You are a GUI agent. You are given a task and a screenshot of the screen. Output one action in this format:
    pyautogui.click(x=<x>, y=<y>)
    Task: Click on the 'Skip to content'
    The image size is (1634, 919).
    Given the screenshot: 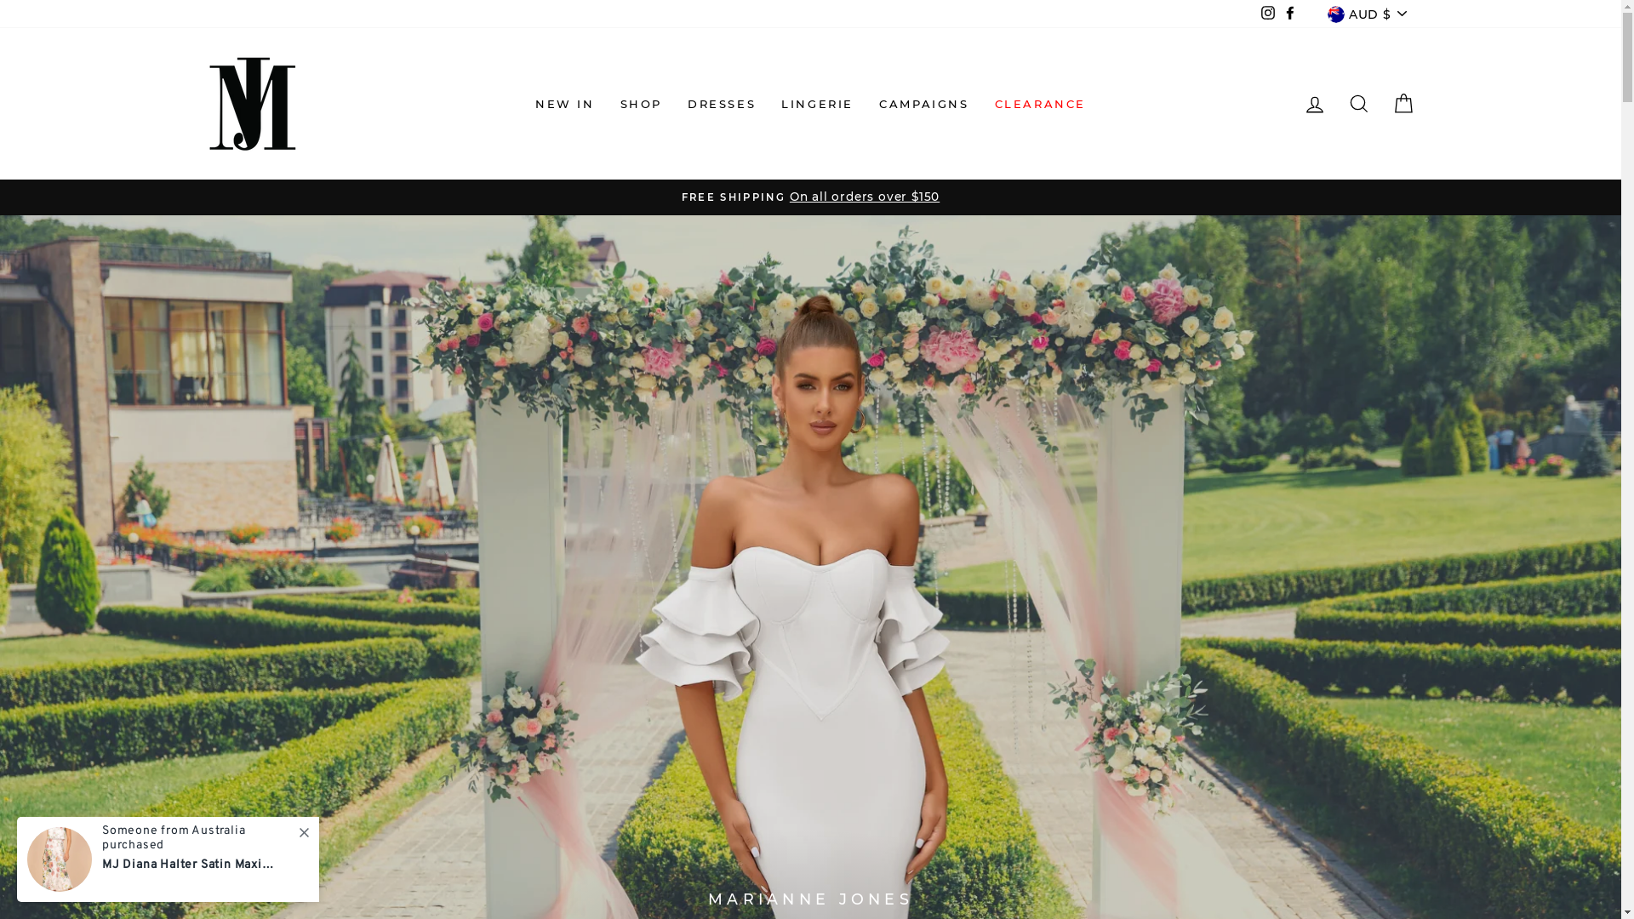 What is the action you would take?
    pyautogui.click(x=0, y=0)
    